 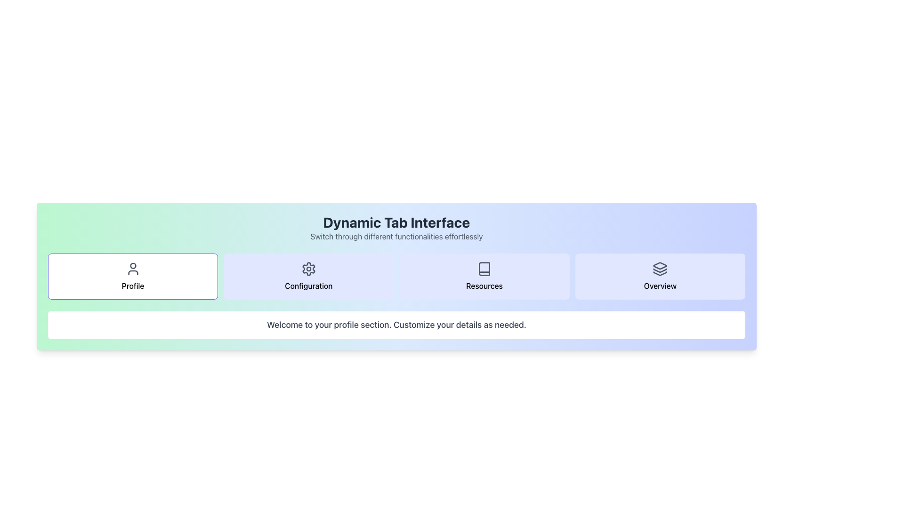 I want to click on the text label displaying 'Profile', which is styled with a medium-sized font and located below an icon in a bordered and rounded rectangular area within the leftmost section of a horizontally-aligned button group, so click(x=132, y=286).